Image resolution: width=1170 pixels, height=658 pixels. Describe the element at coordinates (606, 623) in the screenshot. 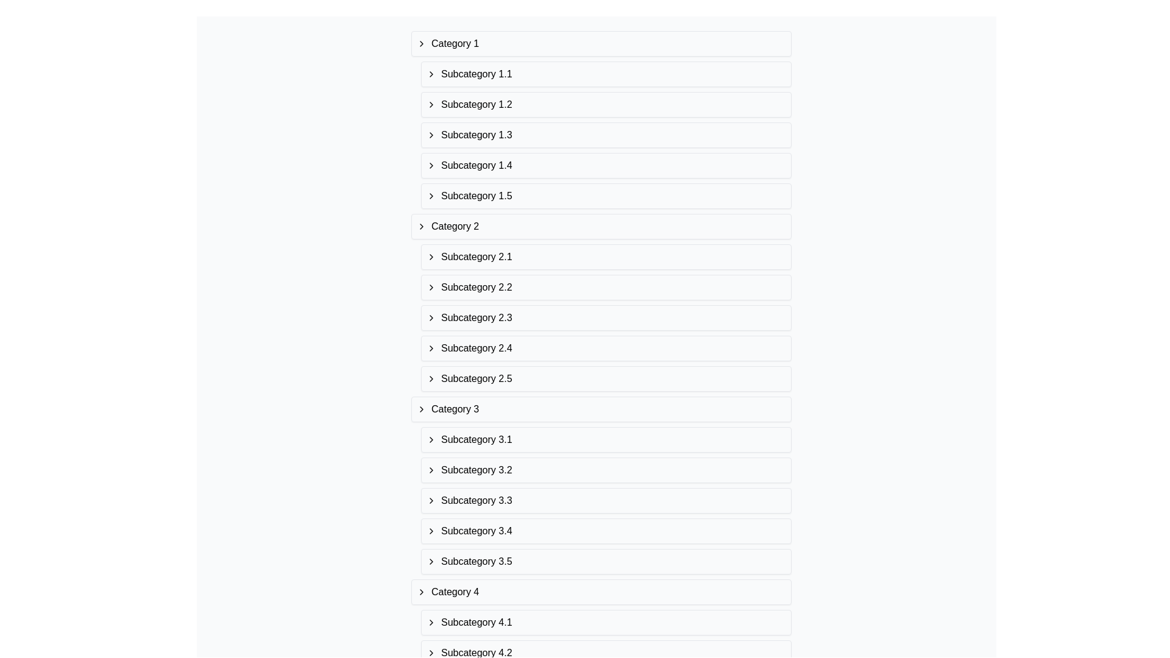

I see `the button labeled 'Subcategory 4.1' located in the submenu of 'Category 4'` at that location.